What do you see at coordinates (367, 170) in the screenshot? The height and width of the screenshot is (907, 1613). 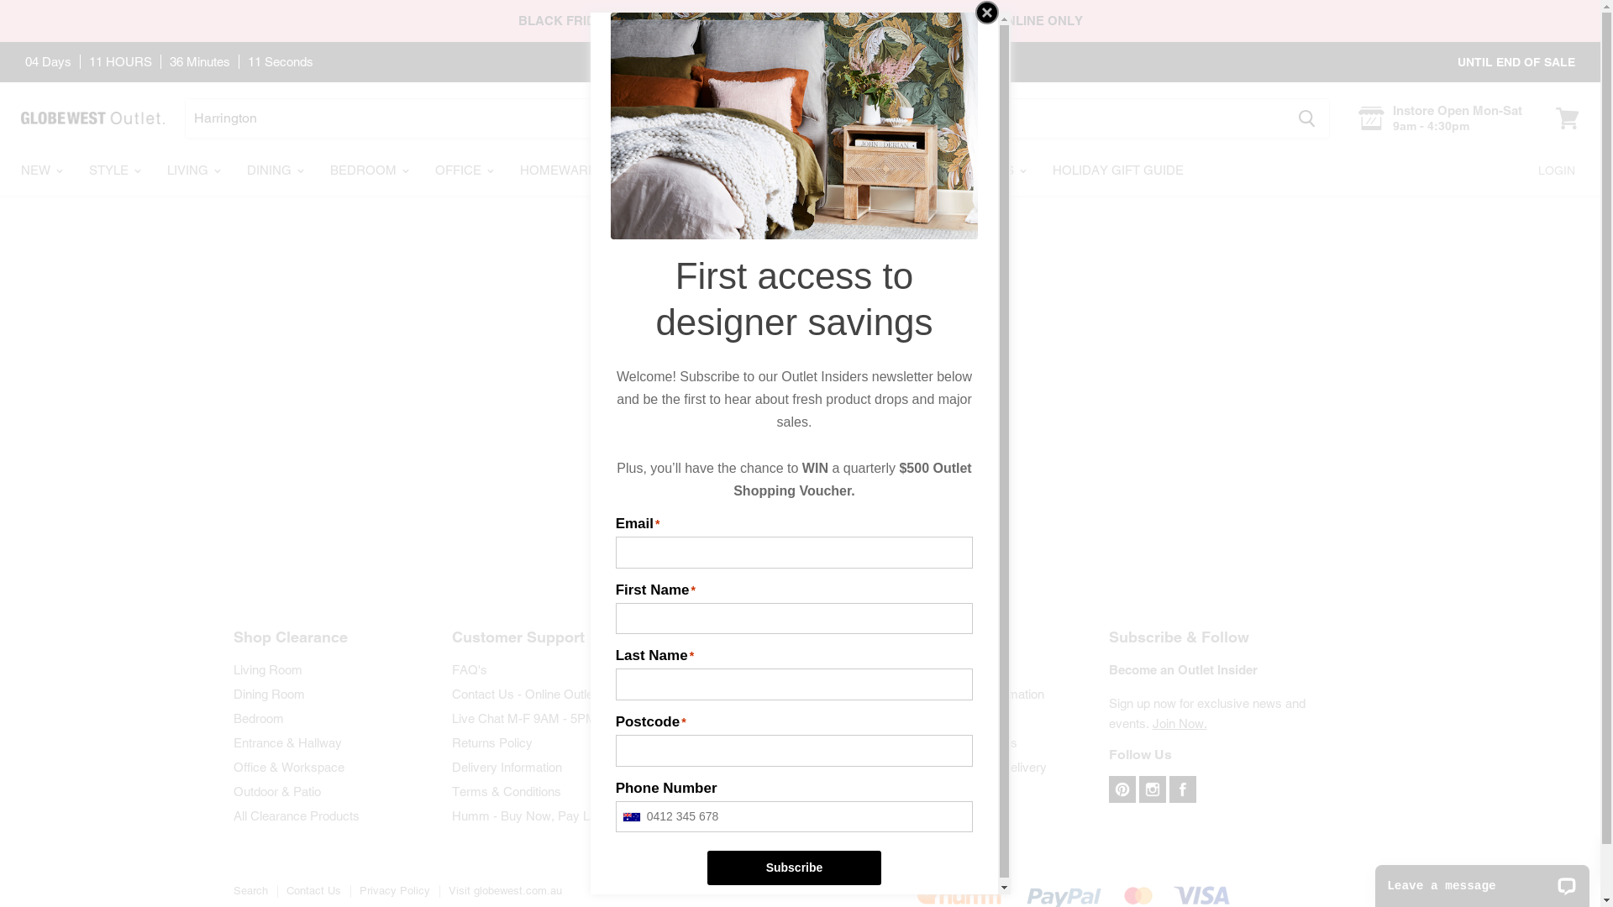 I see `'BEDROOM'` at bounding box center [367, 170].